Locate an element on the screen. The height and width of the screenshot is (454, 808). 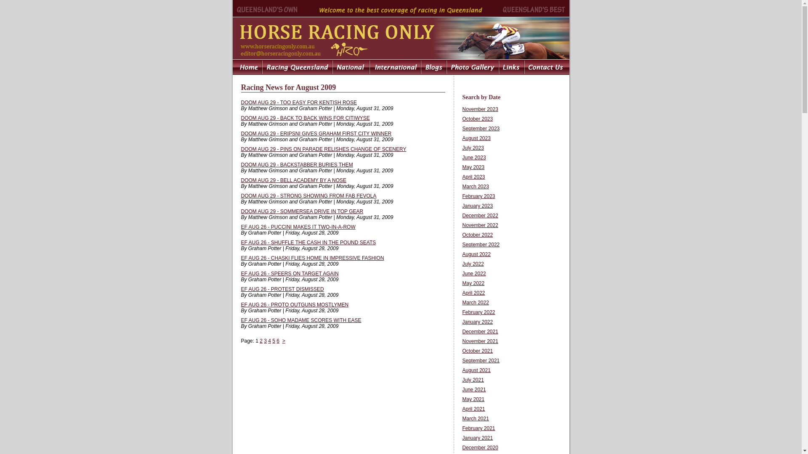
'November 2023' is located at coordinates (480, 108).